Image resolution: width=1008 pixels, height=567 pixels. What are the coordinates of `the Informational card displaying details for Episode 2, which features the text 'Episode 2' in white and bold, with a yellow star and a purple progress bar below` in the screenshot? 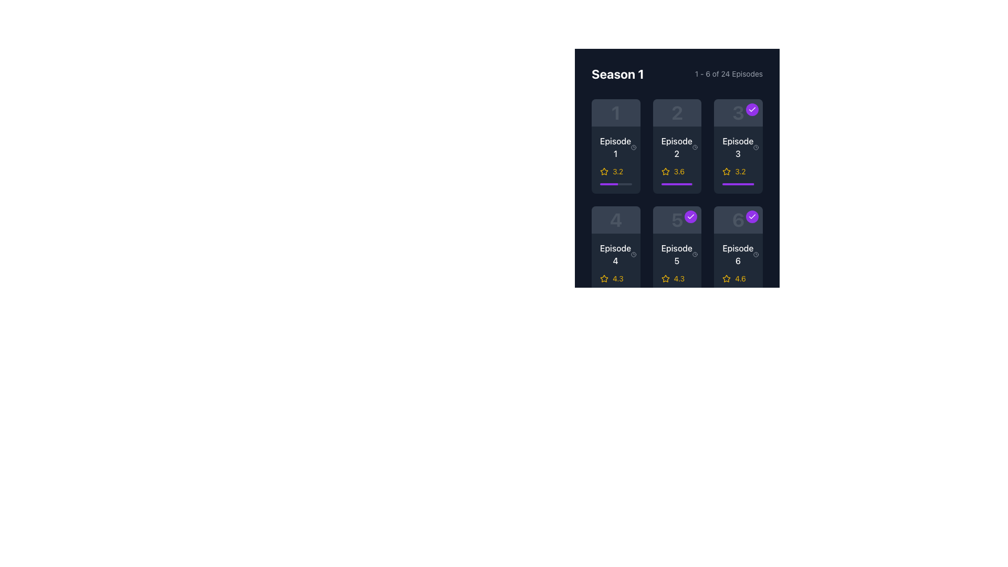 It's located at (677, 160).